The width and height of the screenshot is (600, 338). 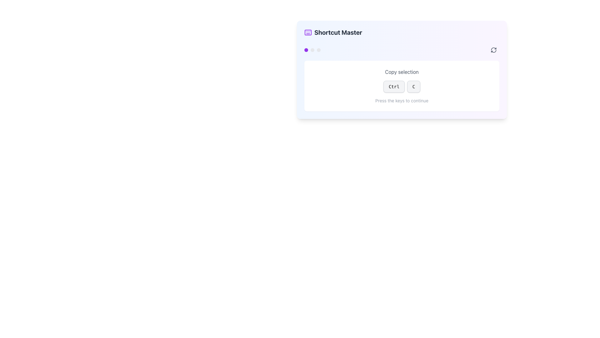 I want to click on the 'C' keyboard key button located under the 'Copy selection' label, so click(x=413, y=87).